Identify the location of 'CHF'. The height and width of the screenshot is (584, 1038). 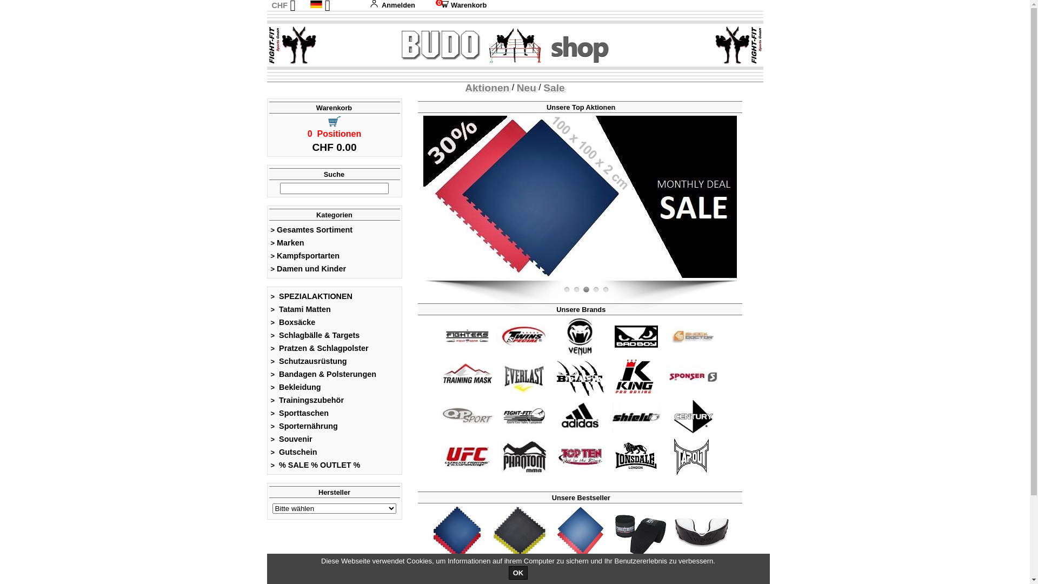
(280, 5).